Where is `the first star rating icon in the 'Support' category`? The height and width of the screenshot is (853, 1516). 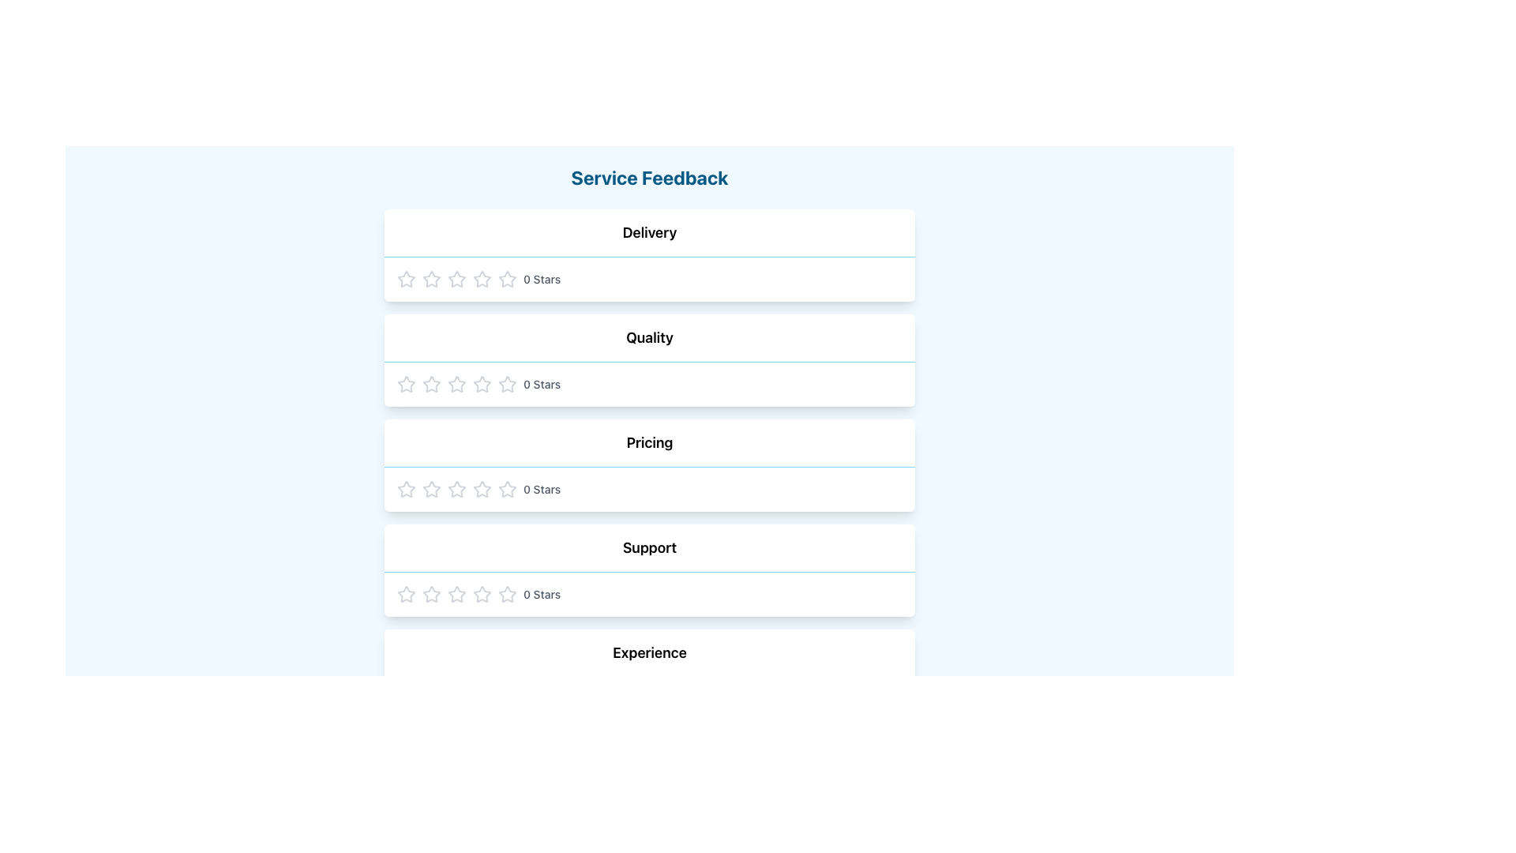
the first star rating icon in the 'Support' category is located at coordinates (406, 594).